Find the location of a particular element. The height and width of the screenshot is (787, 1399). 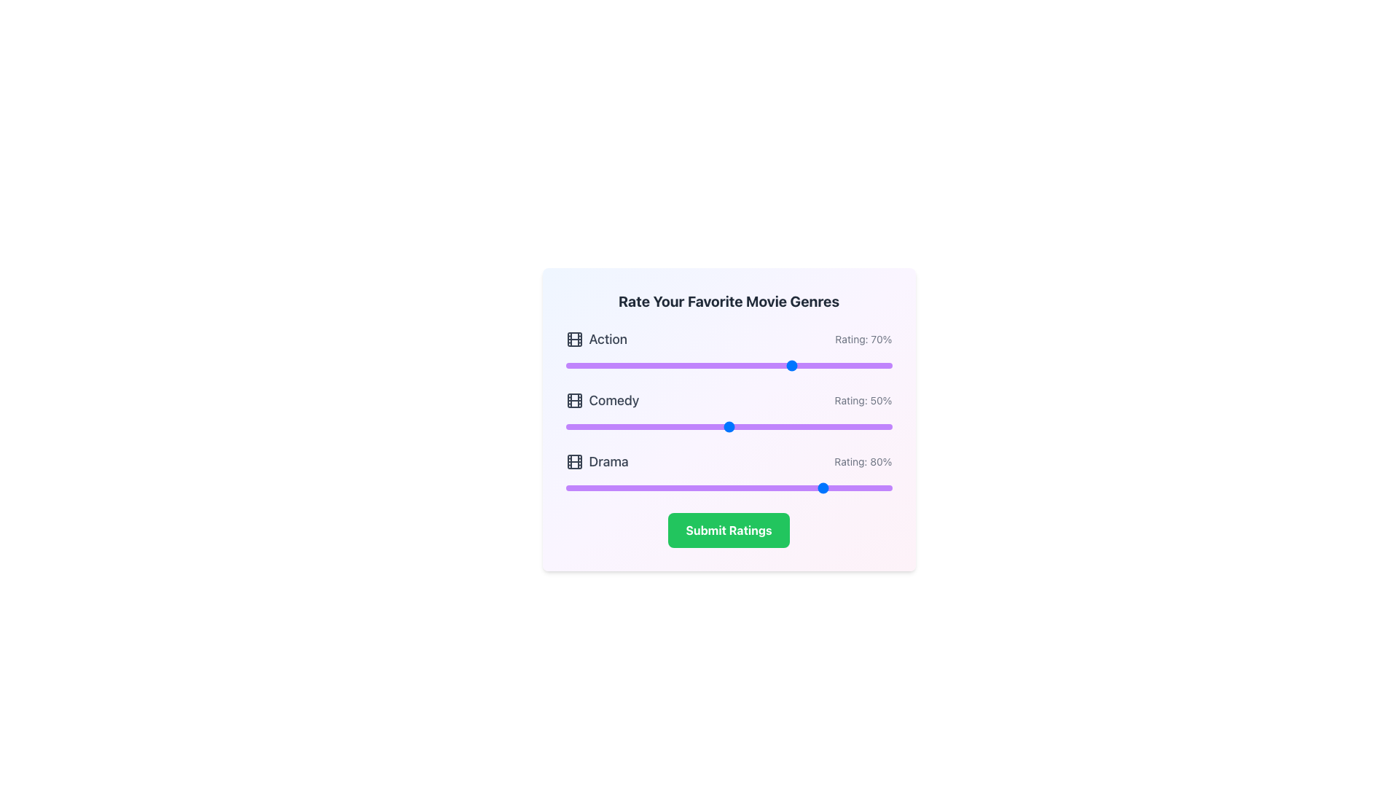

the slider value is located at coordinates (878, 488).